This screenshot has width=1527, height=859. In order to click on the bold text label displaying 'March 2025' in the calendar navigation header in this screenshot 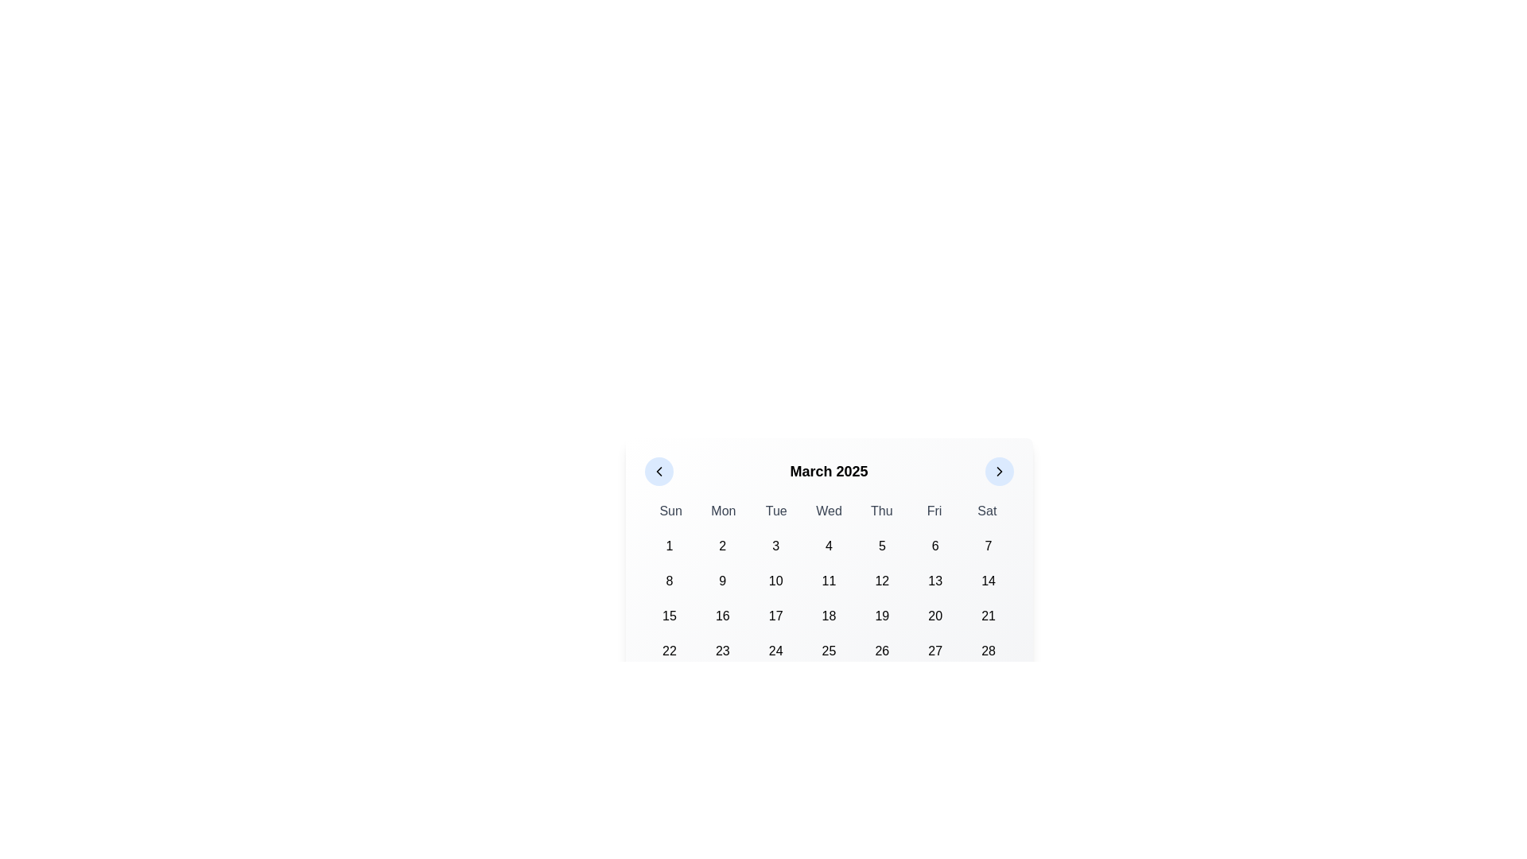, I will do `click(828, 471)`.